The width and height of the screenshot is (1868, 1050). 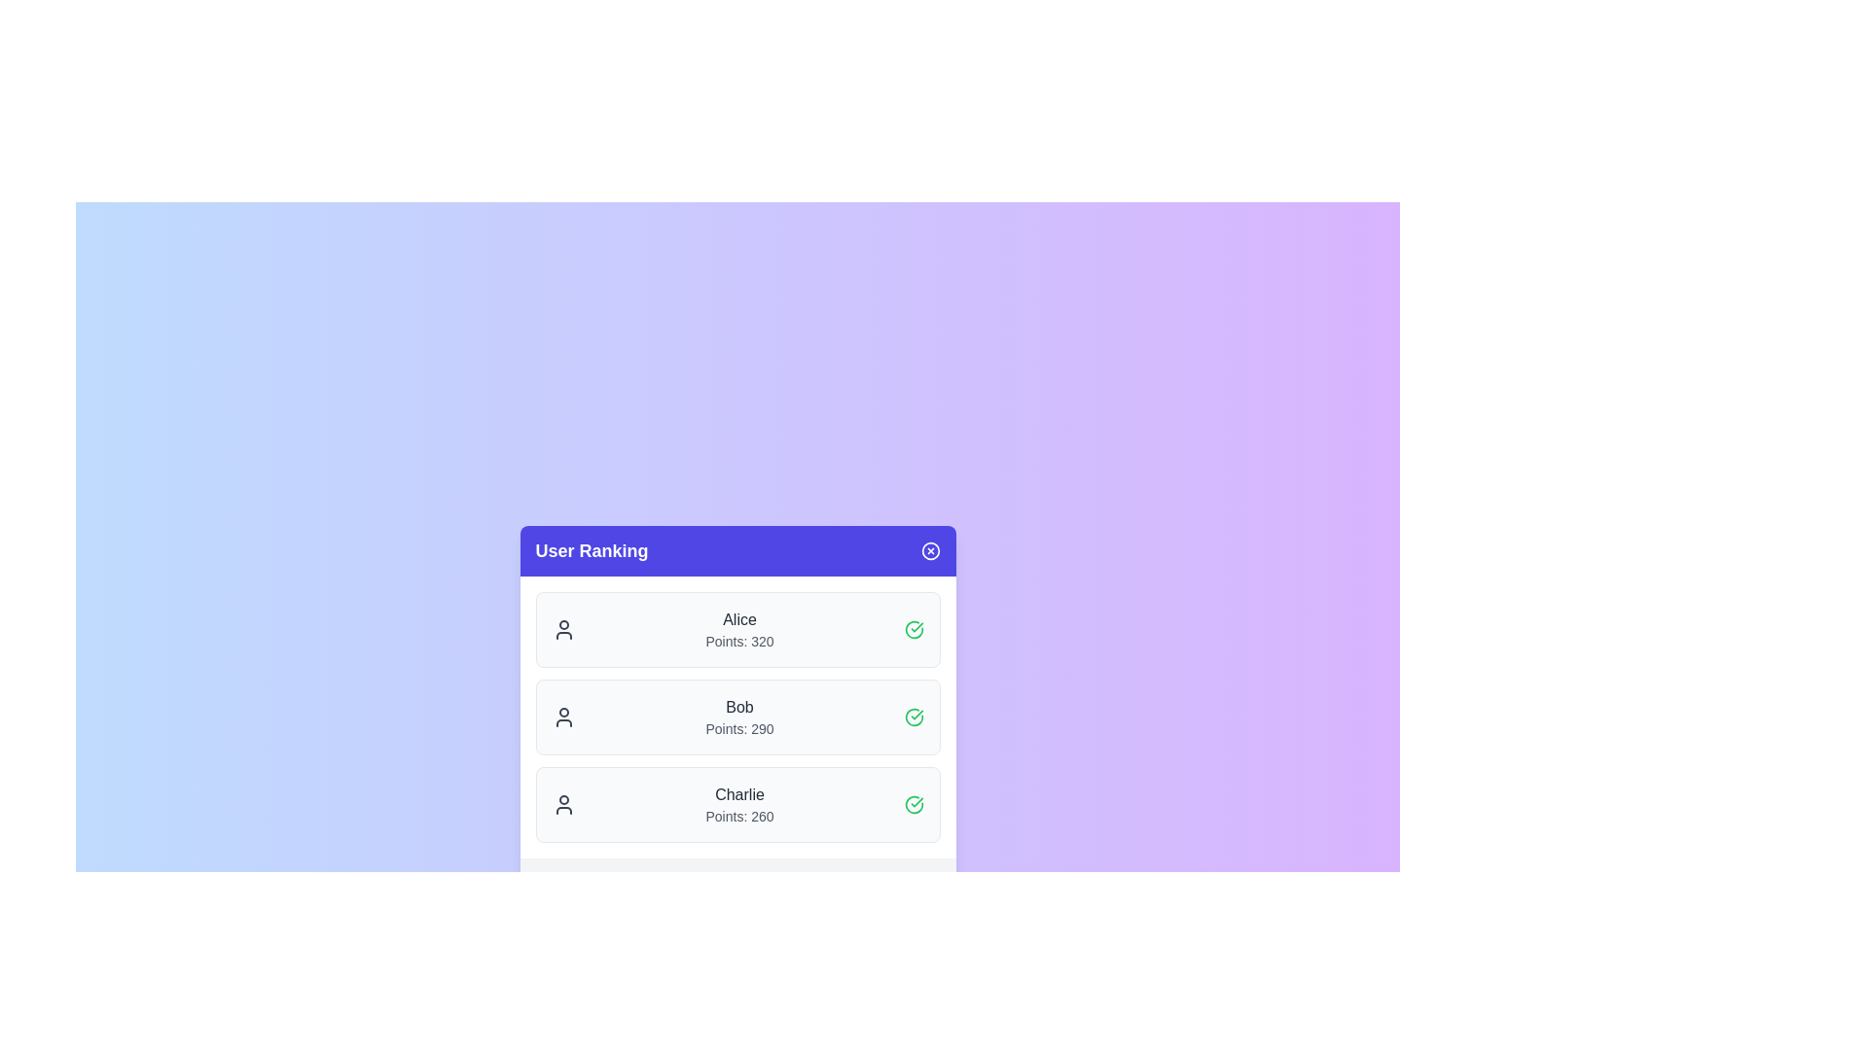 What do you see at coordinates (929, 551) in the screenshot?
I see `the close button to close the dialog` at bounding box center [929, 551].